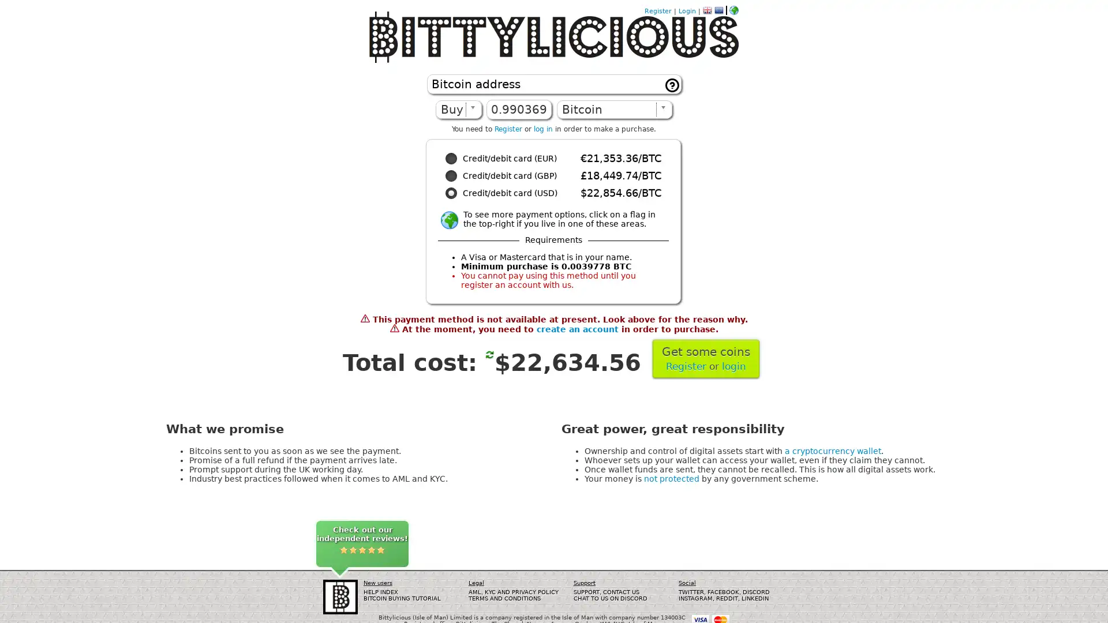  Describe the element at coordinates (705, 358) in the screenshot. I see `Get some coins Register or login` at that location.